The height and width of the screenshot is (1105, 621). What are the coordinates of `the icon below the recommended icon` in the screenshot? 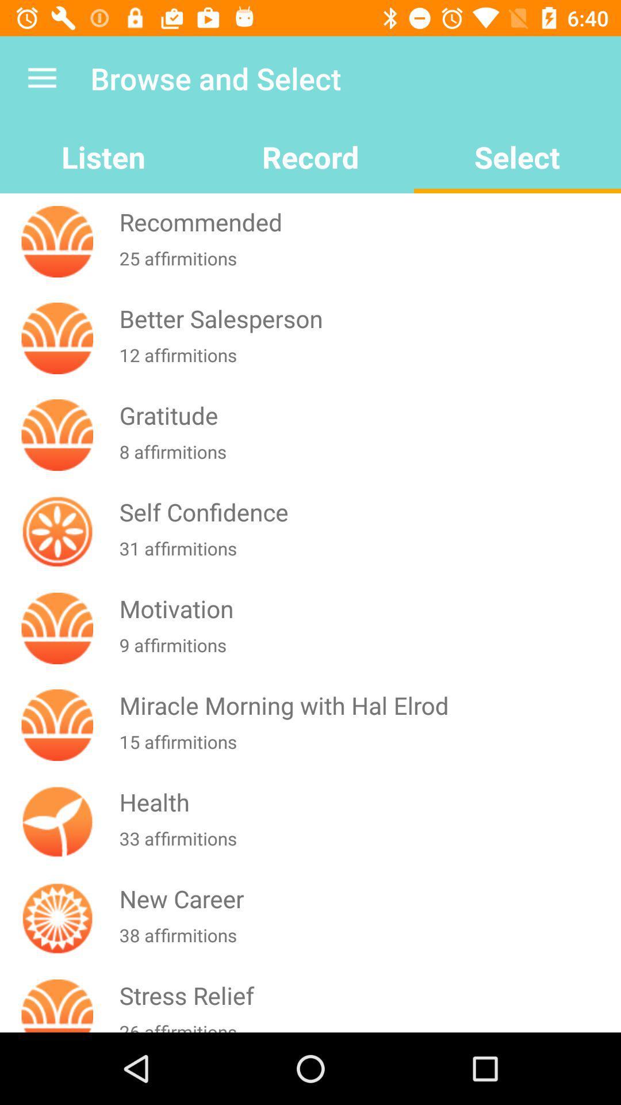 It's located at (367, 265).